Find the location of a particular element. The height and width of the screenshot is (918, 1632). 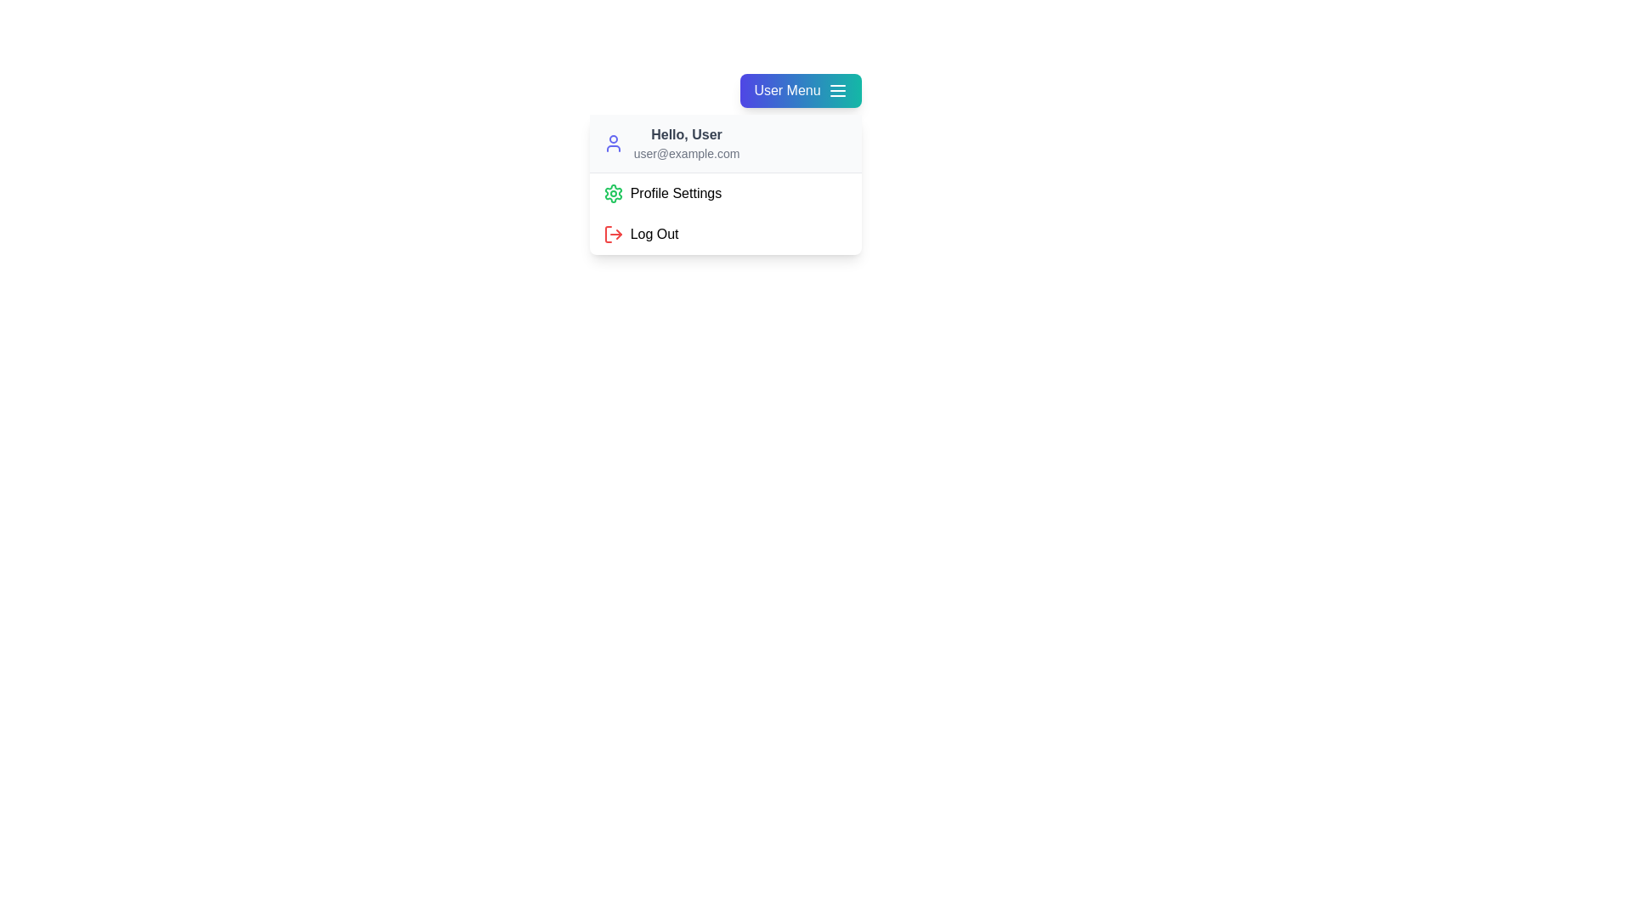

the 'Log Out' option in the user menu is located at coordinates (725, 235).